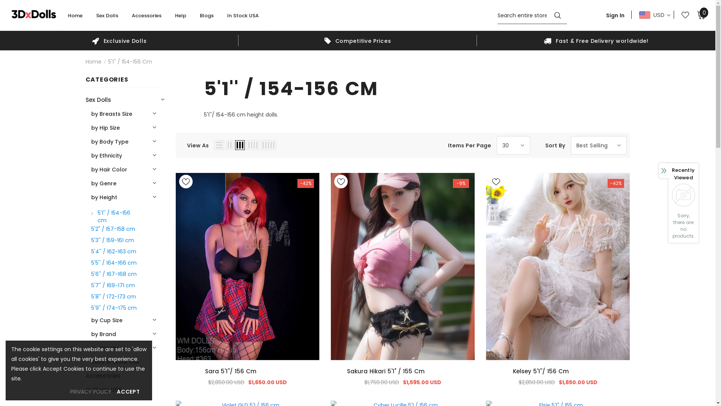  Describe the element at coordinates (247, 371) in the screenshot. I see `'Sara 5'1''/ 156 Cm'` at that location.